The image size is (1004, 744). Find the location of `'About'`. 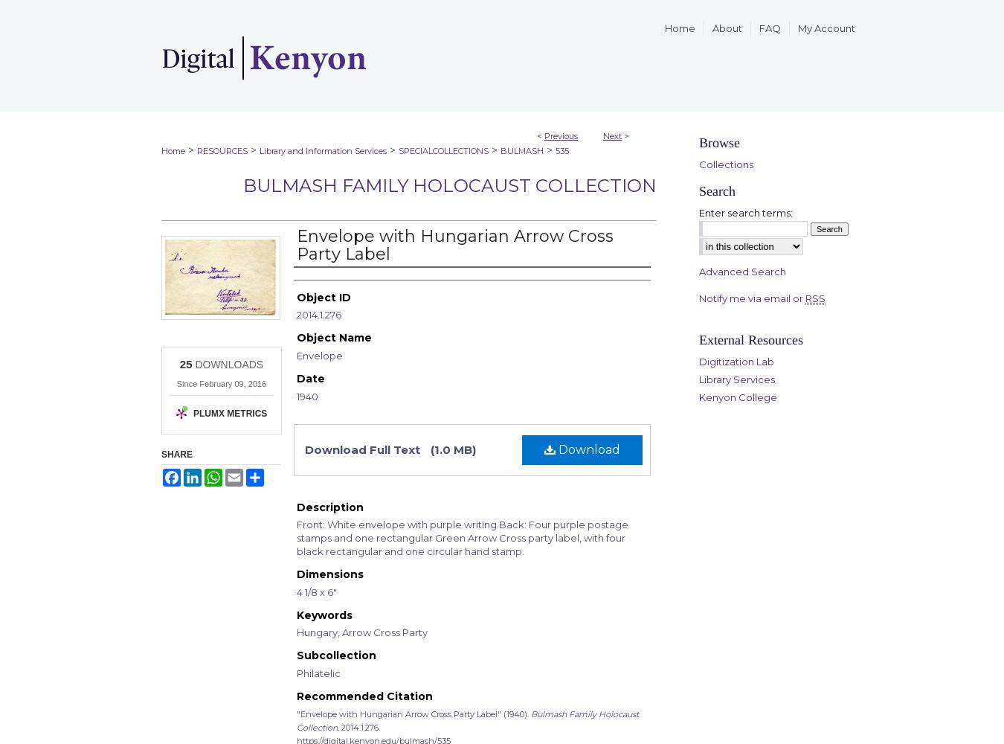

'About' is located at coordinates (726, 28).